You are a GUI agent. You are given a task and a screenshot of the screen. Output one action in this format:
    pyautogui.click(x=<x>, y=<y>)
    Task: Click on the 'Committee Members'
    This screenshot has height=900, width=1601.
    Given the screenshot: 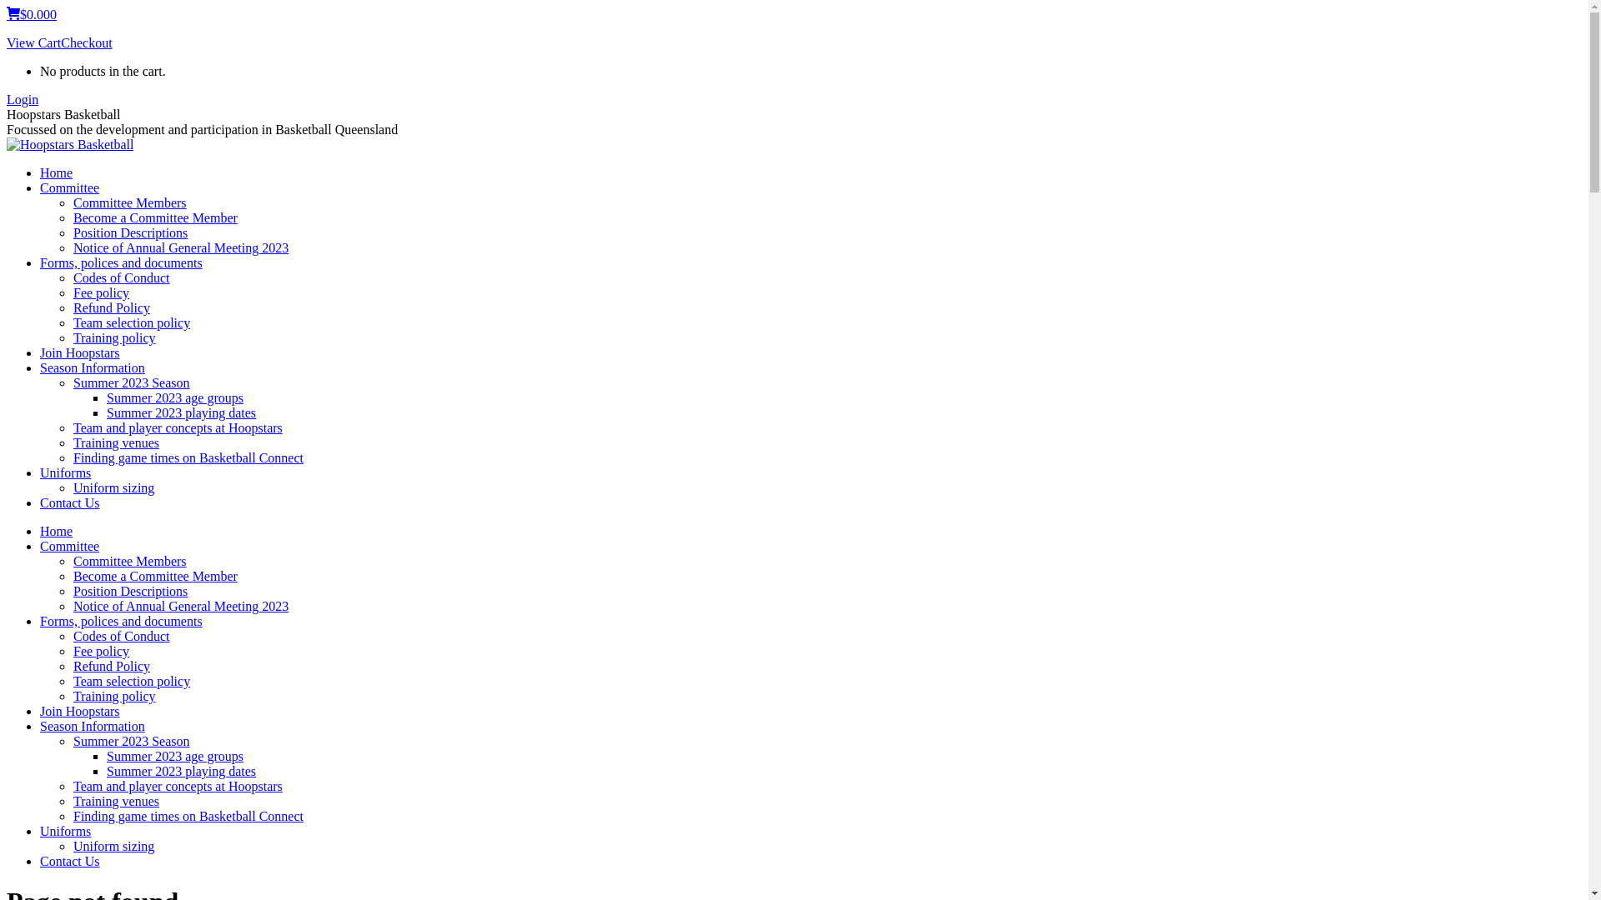 What is the action you would take?
    pyautogui.click(x=72, y=202)
    